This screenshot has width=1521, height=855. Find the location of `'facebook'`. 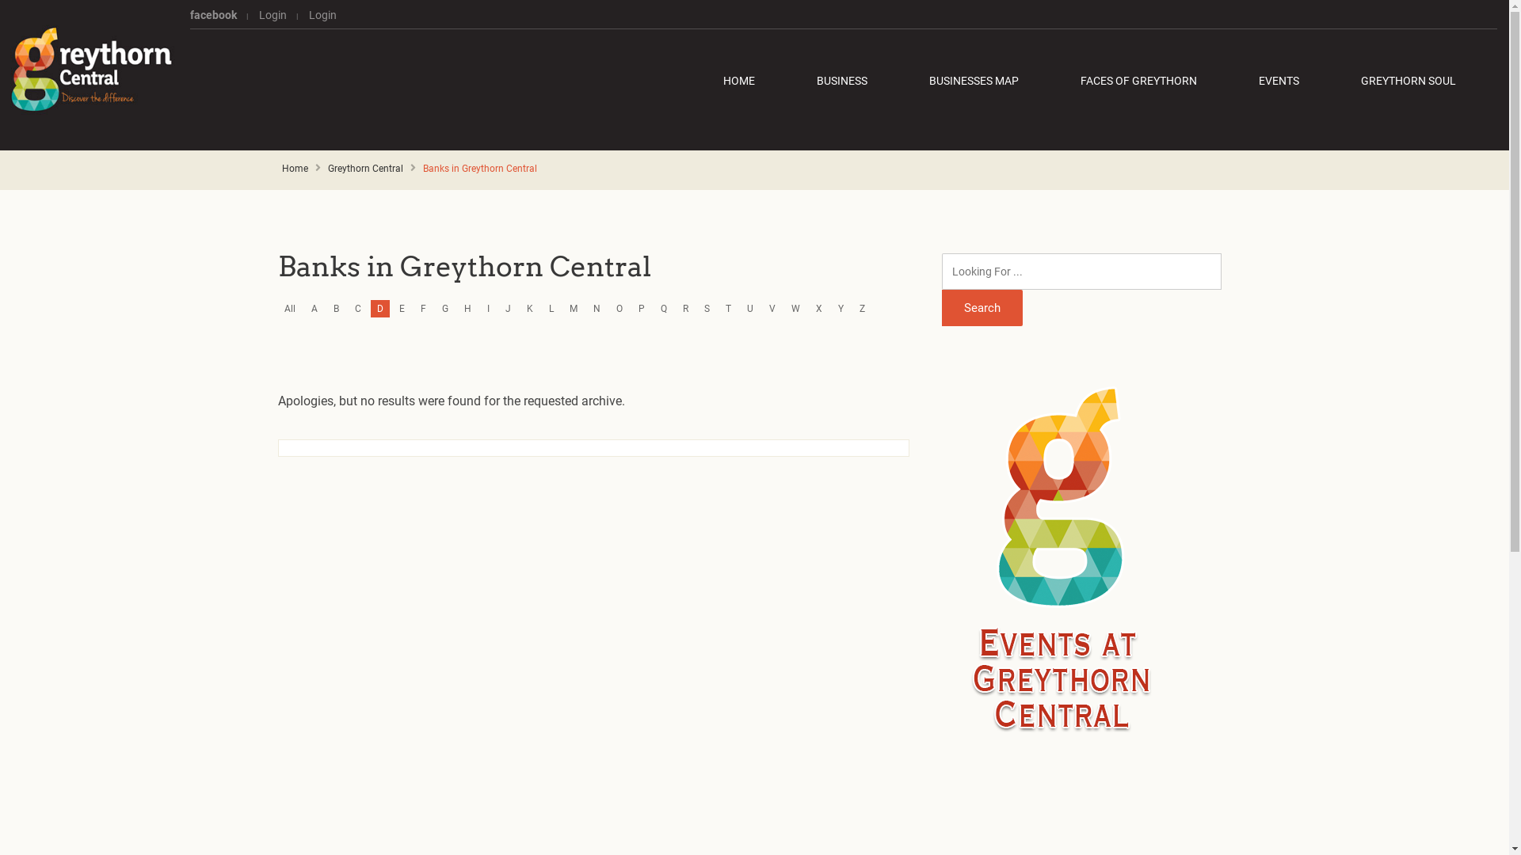

'facebook' is located at coordinates (217, 15).